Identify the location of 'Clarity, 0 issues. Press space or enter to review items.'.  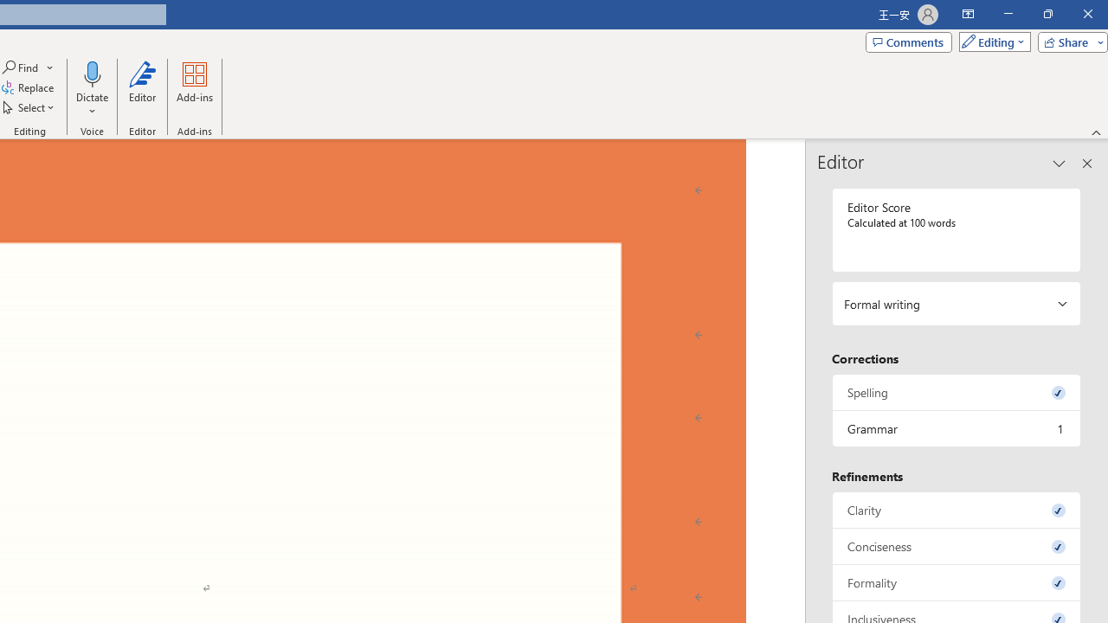
(956, 509).